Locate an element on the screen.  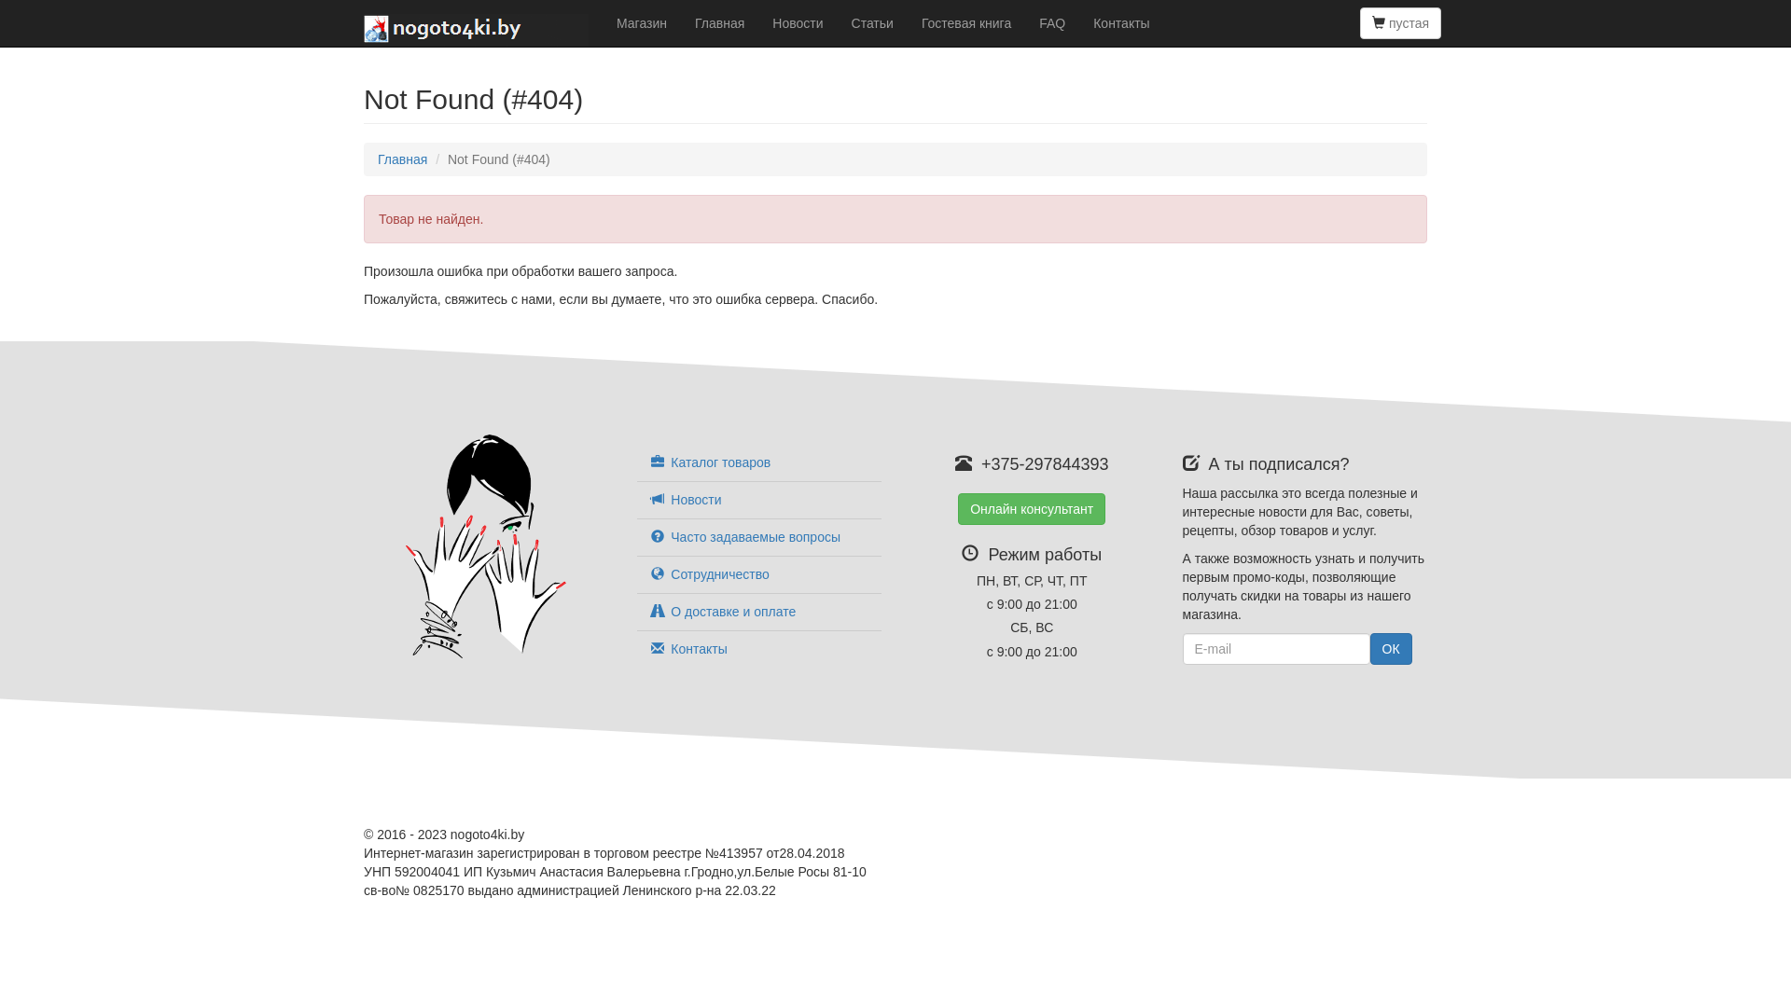
'FAQ' is located at coordinates (1052, 22).